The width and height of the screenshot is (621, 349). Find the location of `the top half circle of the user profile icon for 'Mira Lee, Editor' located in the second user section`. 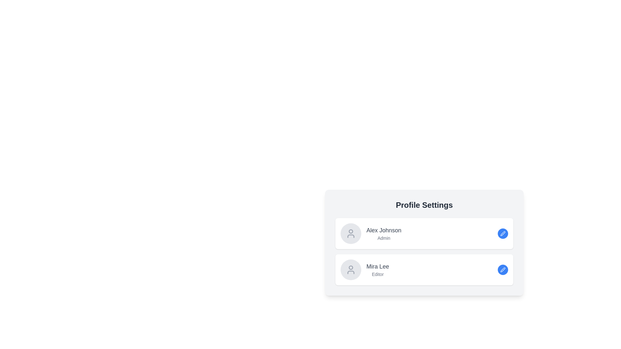

the top half circle of the user profile icon for 'Mira Lee, Editor' located in the second user section is located at coordinates (350, 268).